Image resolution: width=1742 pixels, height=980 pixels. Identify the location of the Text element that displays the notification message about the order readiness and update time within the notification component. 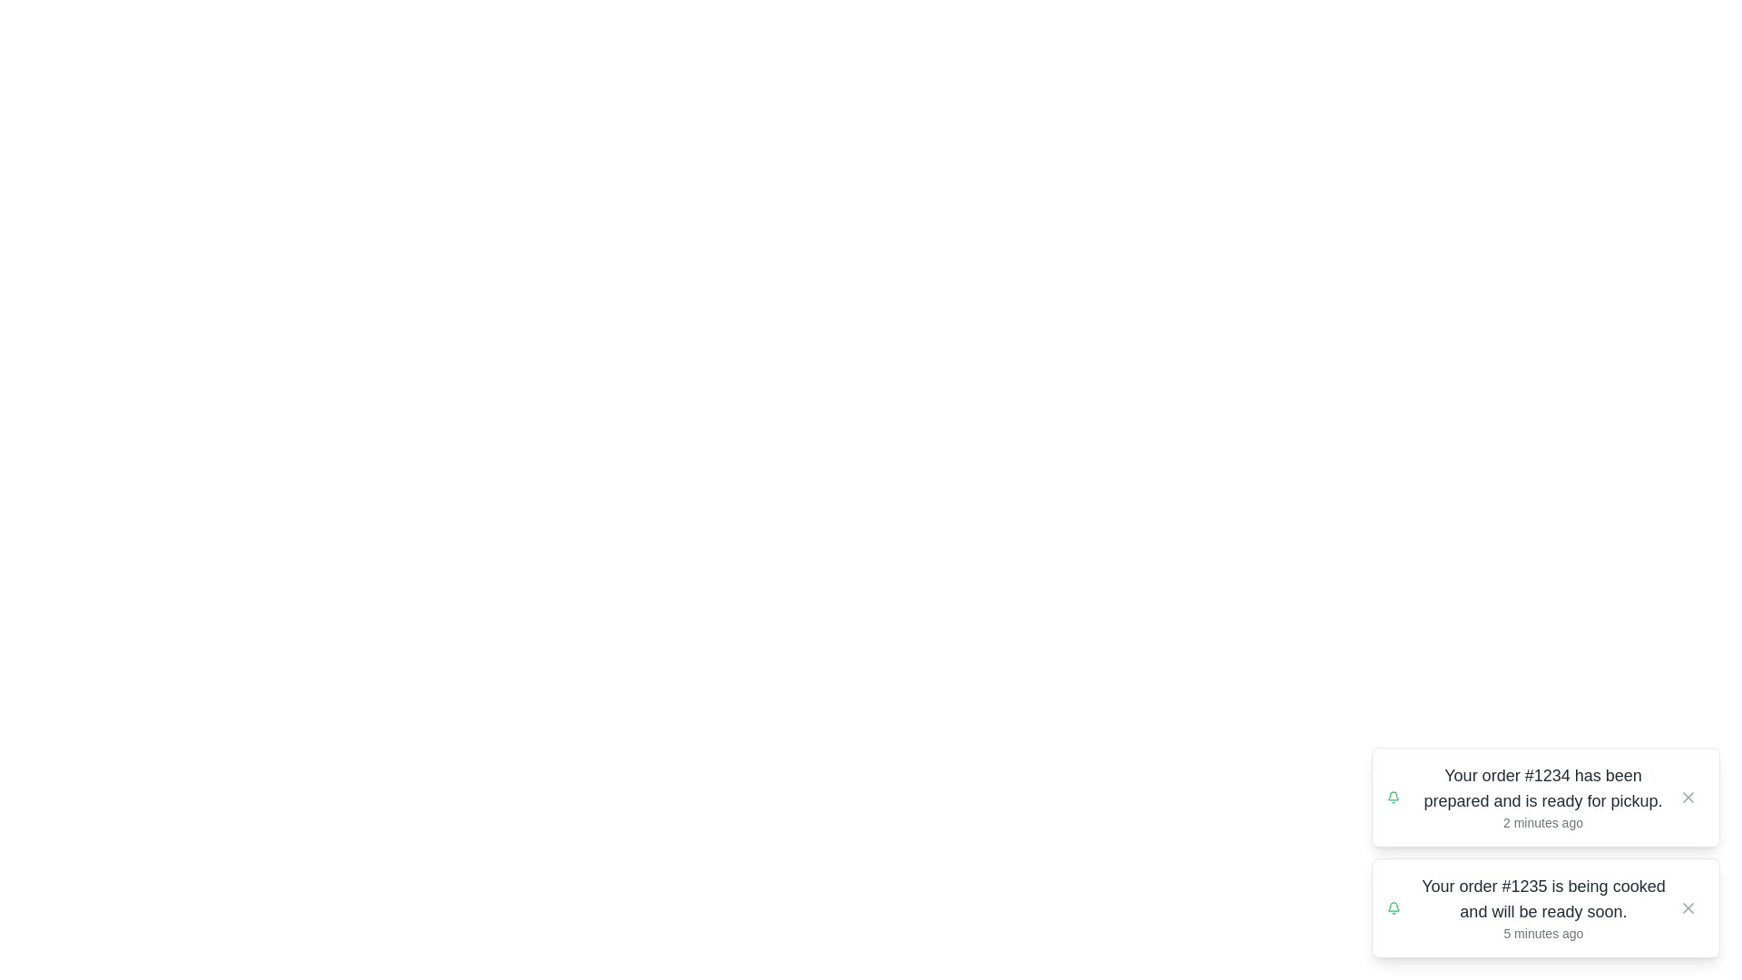
(1541, 797).